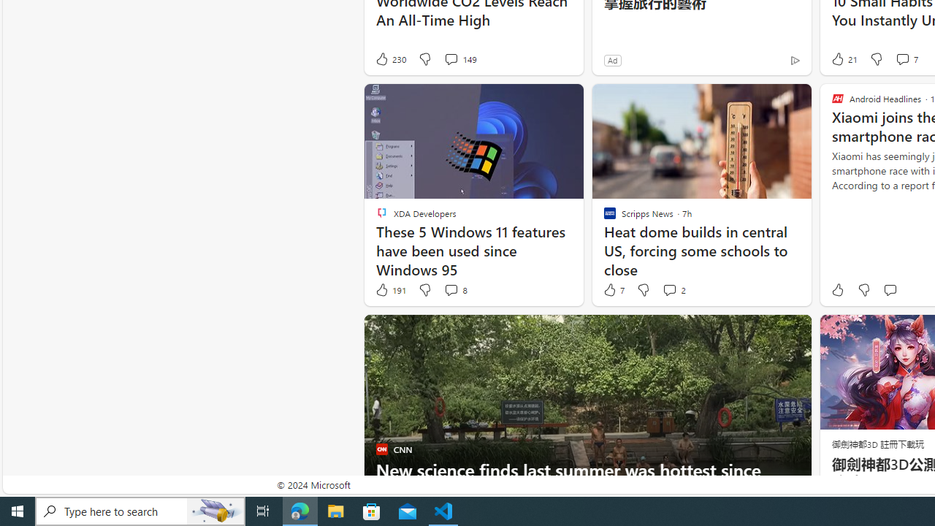 This screenshot has width=935, height=526. I want to click on 'View comments 2 Comment', so click(668, 290).